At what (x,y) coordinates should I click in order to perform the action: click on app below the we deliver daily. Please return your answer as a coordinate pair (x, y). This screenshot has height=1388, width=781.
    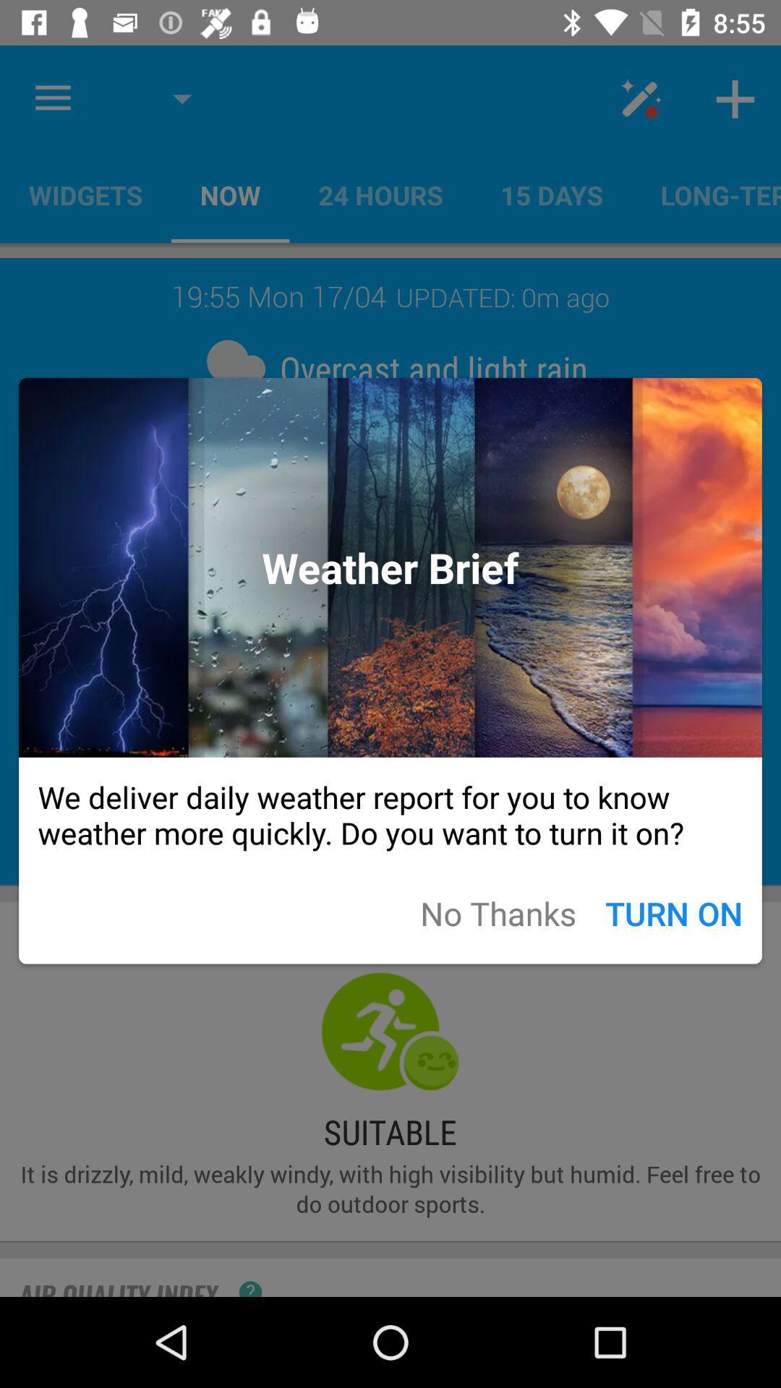
    Looking at the image, I should click on (498, 912).